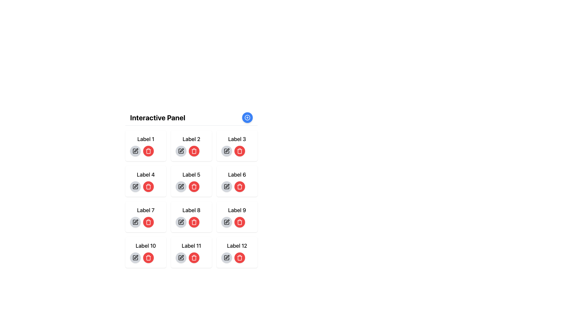 The width and height of the screenshot is (569, 320). Describe the element at coordinates (146, 175) in the screenshot. I see `on the text label displaying 'Label 4' located inside the fourth card of the grid layout, positioned in the leftmost column of the second row` at that location.